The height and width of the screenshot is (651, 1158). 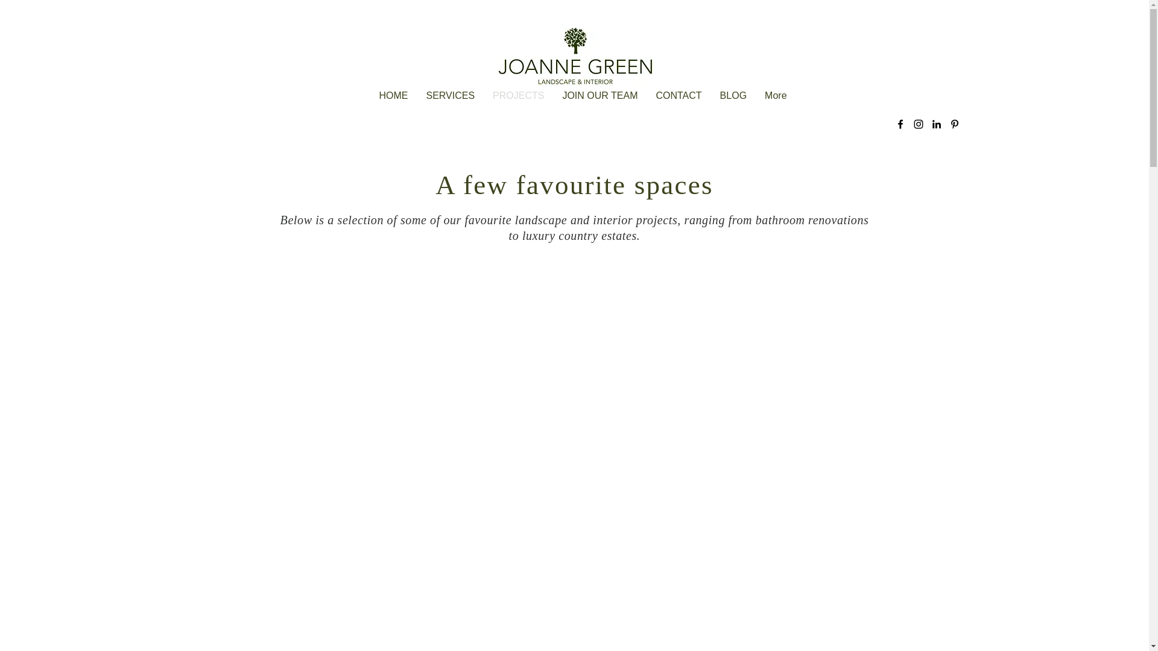 What do you see at coordinates (393, 101) in the screenshot?
I see `'HOME'` at bounding box center [393, 101].